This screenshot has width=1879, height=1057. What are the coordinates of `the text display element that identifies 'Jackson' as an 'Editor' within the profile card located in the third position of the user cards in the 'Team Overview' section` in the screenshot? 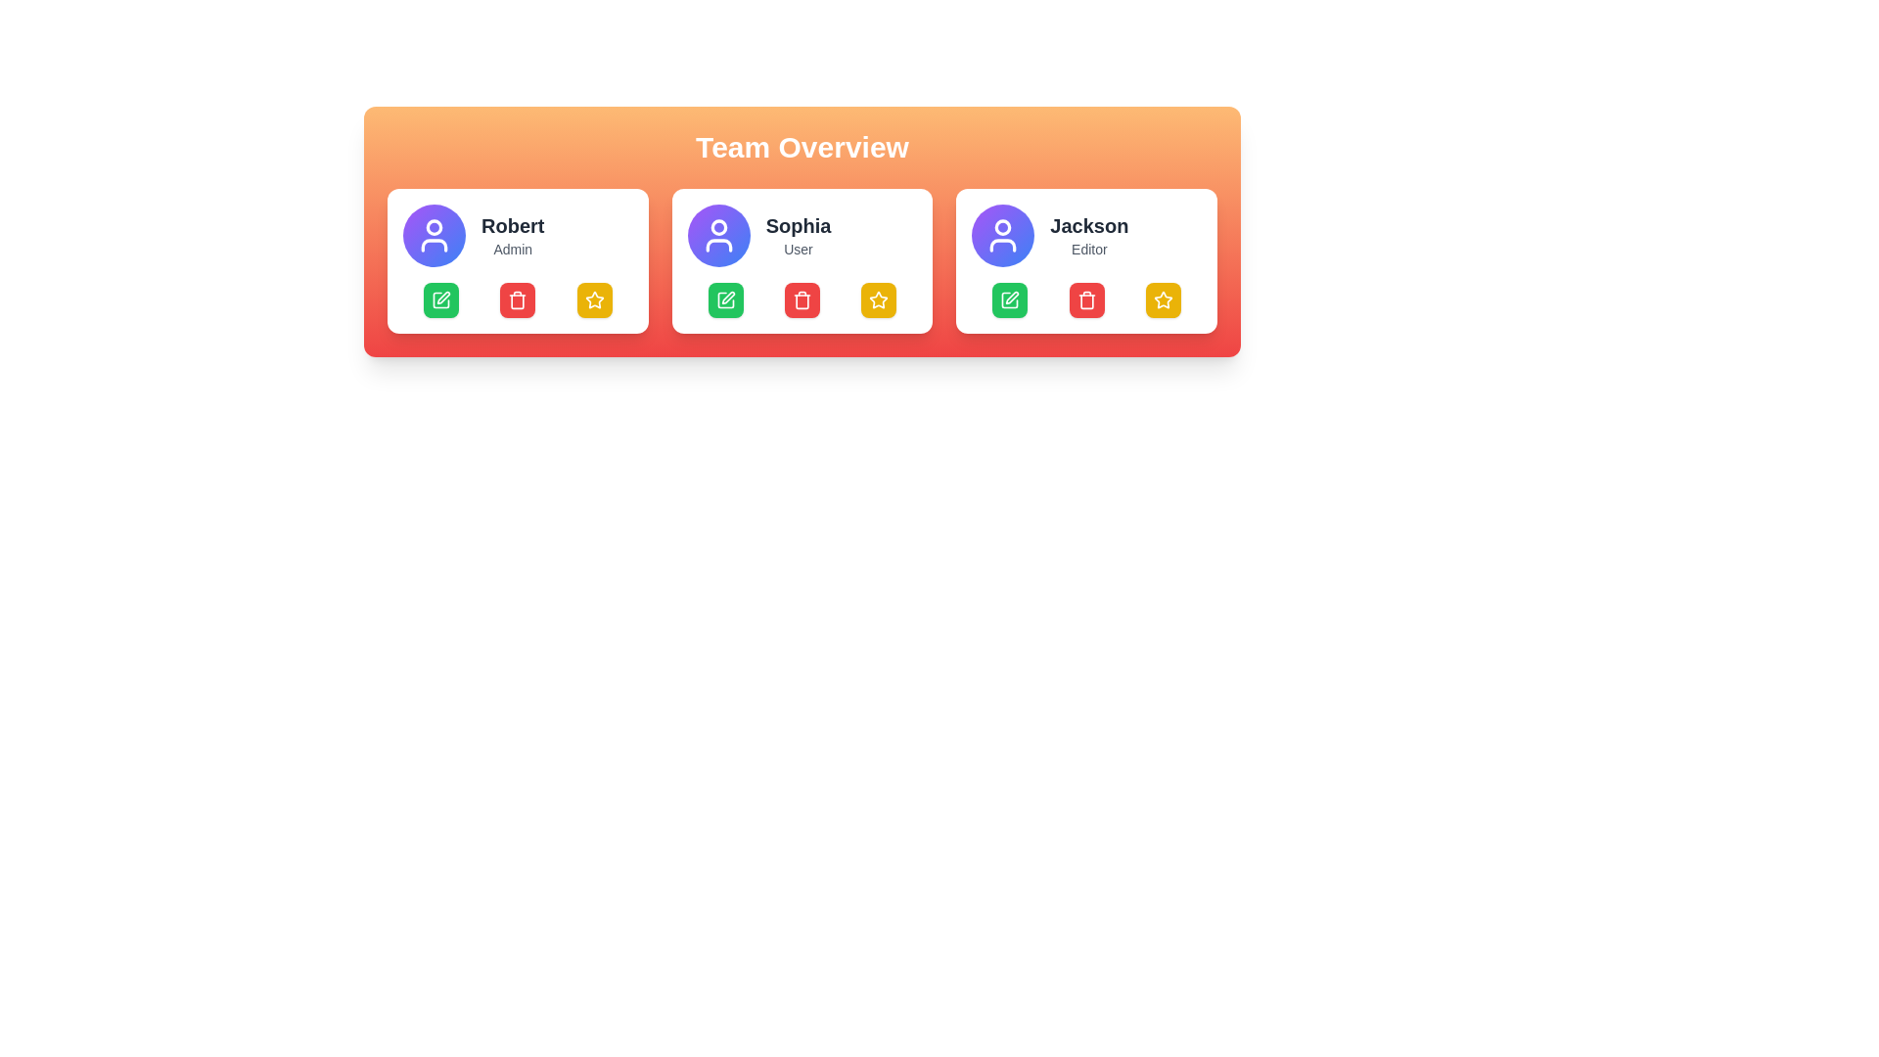 It's located at (1088, 234).